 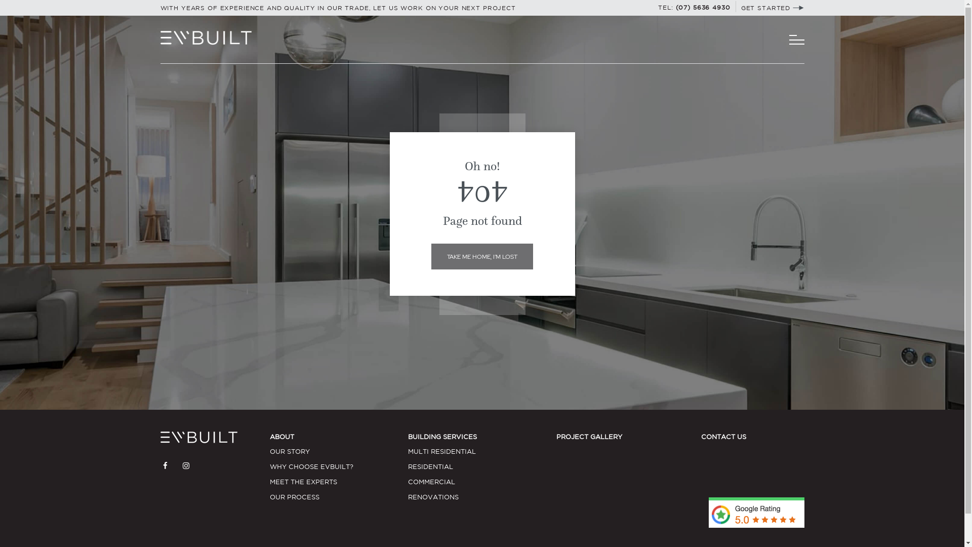 I want to click on 'ui-top-navigation-logo@2x', so click(x=205, y=37).